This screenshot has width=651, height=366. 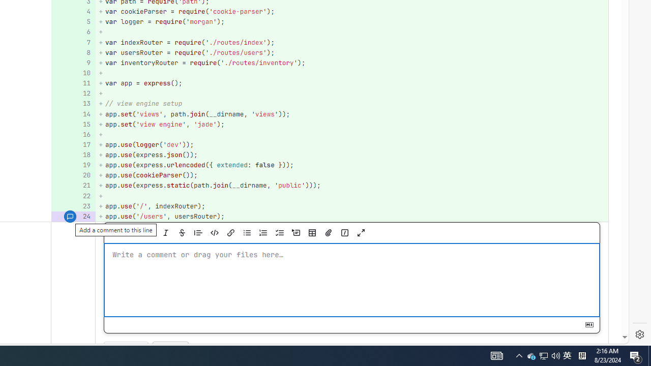 What do you see at coordinates (73, 42) in the screenshot?
I see `'Add a comment to this line 7'` at bounding box center [73, 42].